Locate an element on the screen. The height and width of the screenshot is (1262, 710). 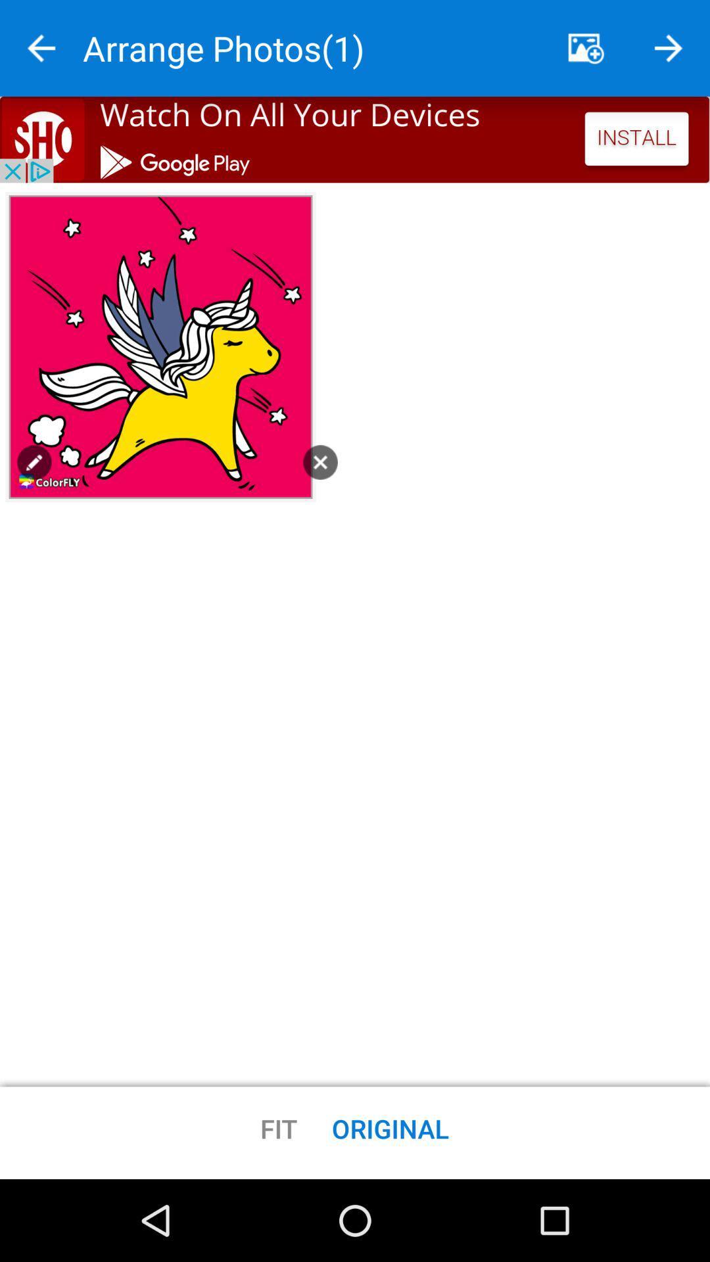
go forward button is located at coordinates (669, 48).